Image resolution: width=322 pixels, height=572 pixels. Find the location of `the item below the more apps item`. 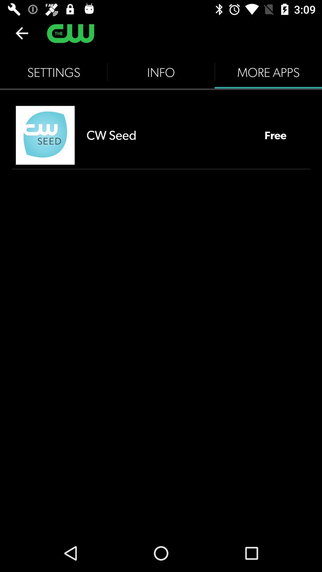

the item below the more apps item is located at coordinates (275, 135).